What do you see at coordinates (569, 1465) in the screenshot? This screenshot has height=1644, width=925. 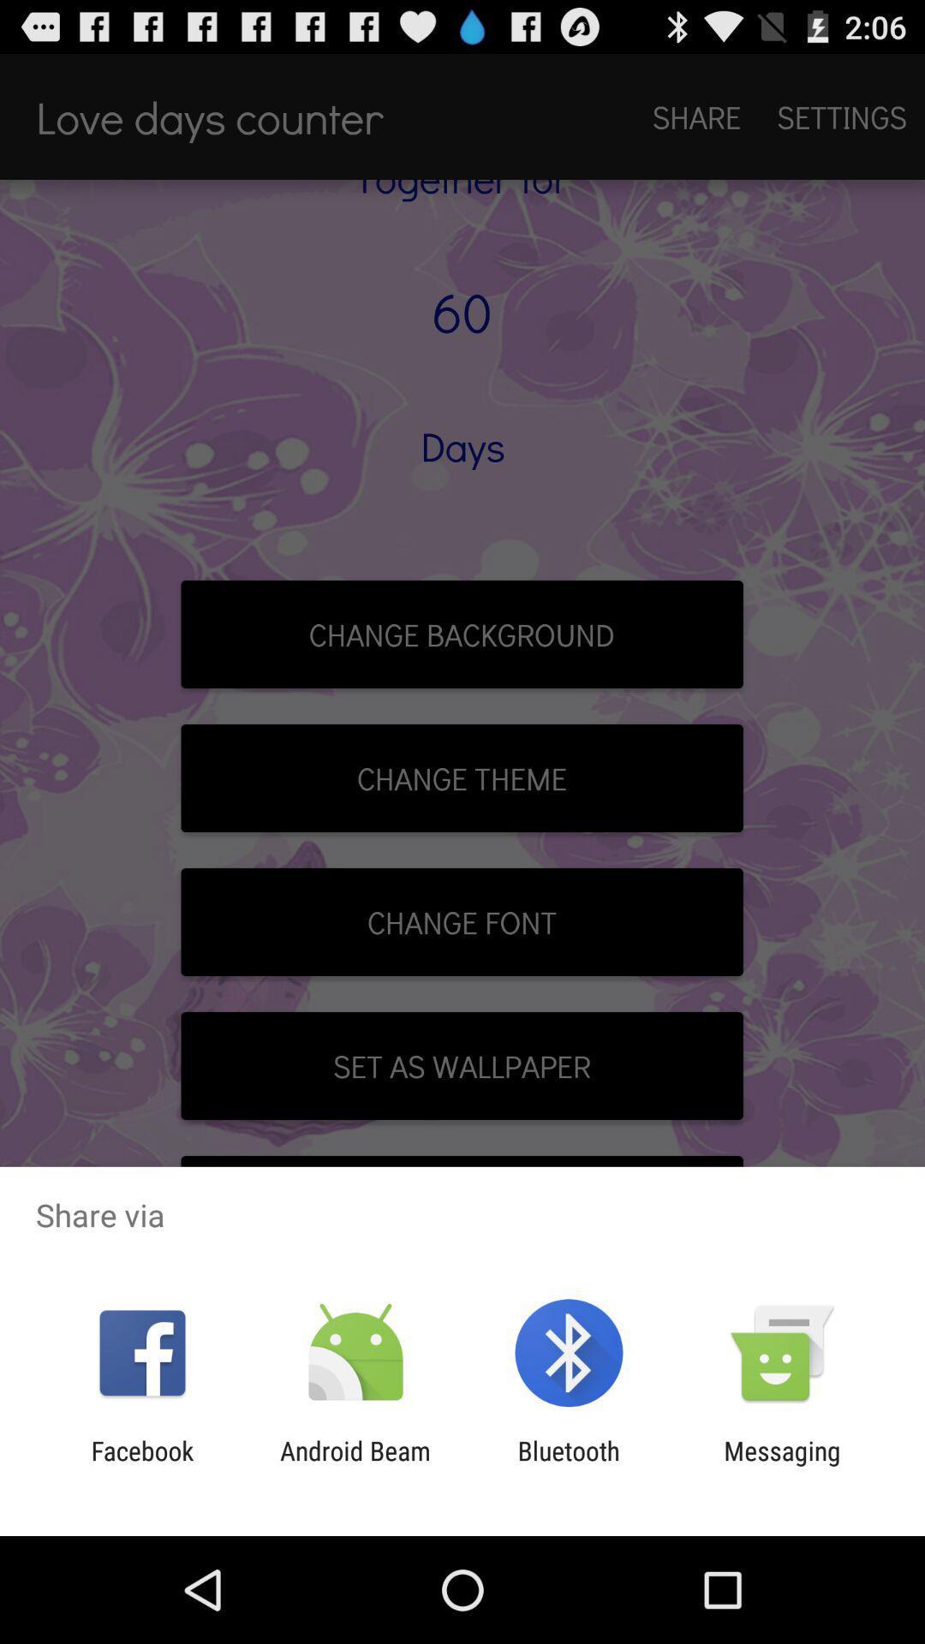 I see `item next to android beam app` at bounding box center [569, 1465].